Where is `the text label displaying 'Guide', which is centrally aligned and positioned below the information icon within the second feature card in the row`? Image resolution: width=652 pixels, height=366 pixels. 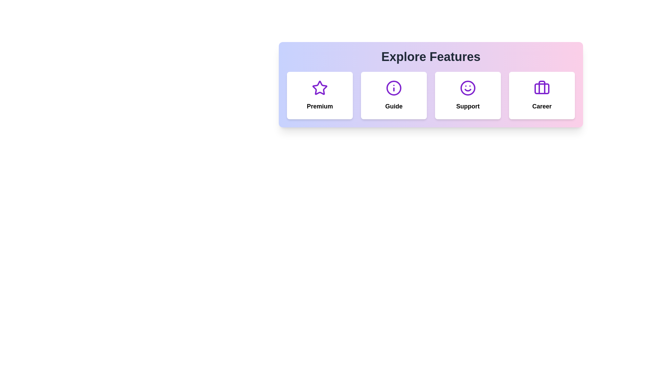
the text label displaying 'Guide', which is centrally aligned and positioned below the information icon within the second feature card in the row is located at coordinates (394, 106).